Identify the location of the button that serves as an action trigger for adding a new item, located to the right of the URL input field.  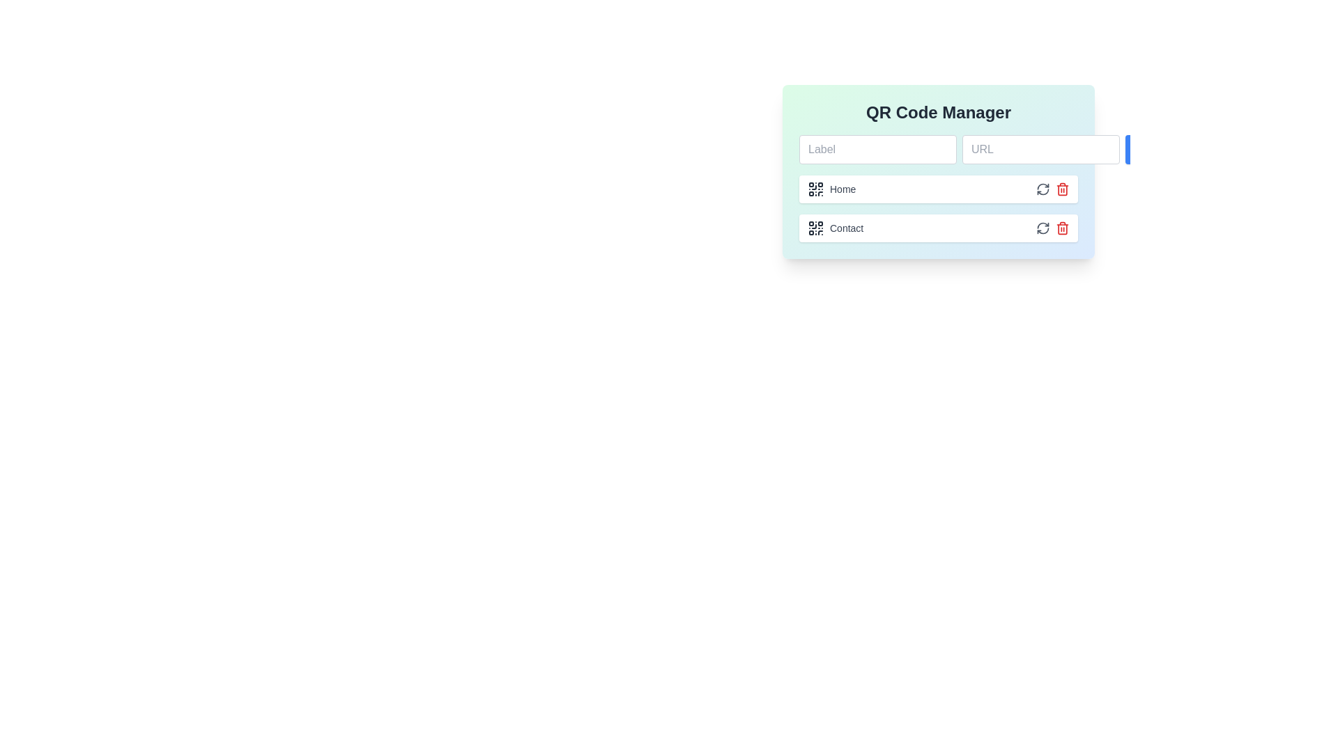
(1141, 150).